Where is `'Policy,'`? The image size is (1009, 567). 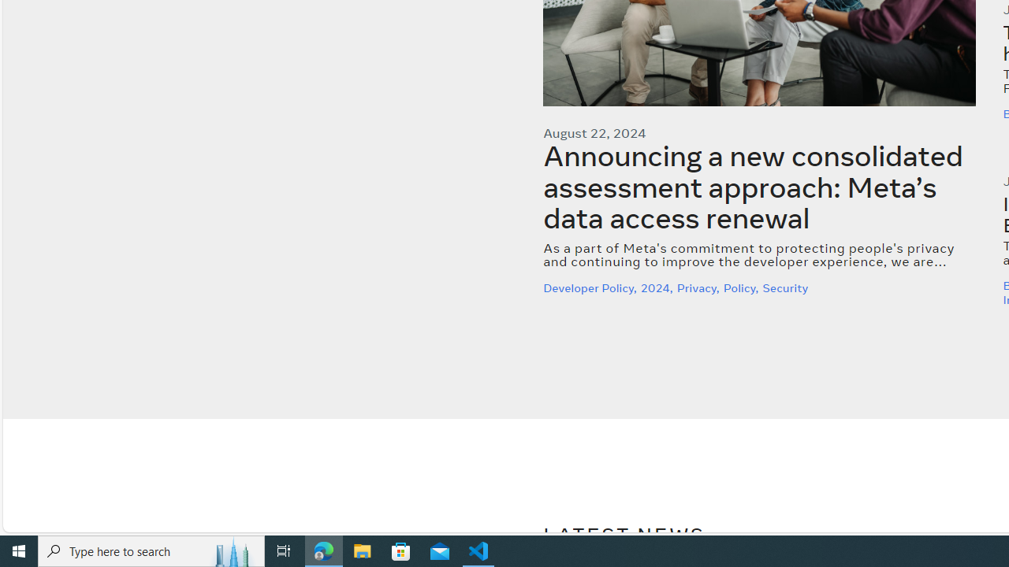
'Policy,' is located at coordinates (742, 287).